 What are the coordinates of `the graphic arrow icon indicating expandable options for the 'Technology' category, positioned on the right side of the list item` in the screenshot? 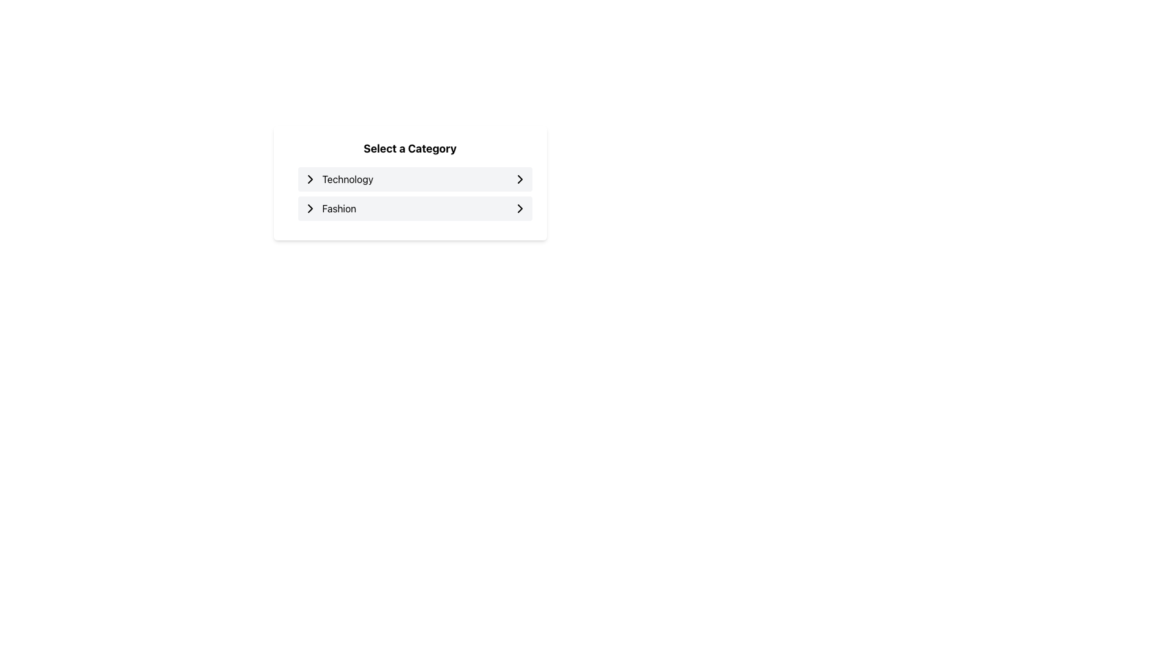 It's located at (310, 179).